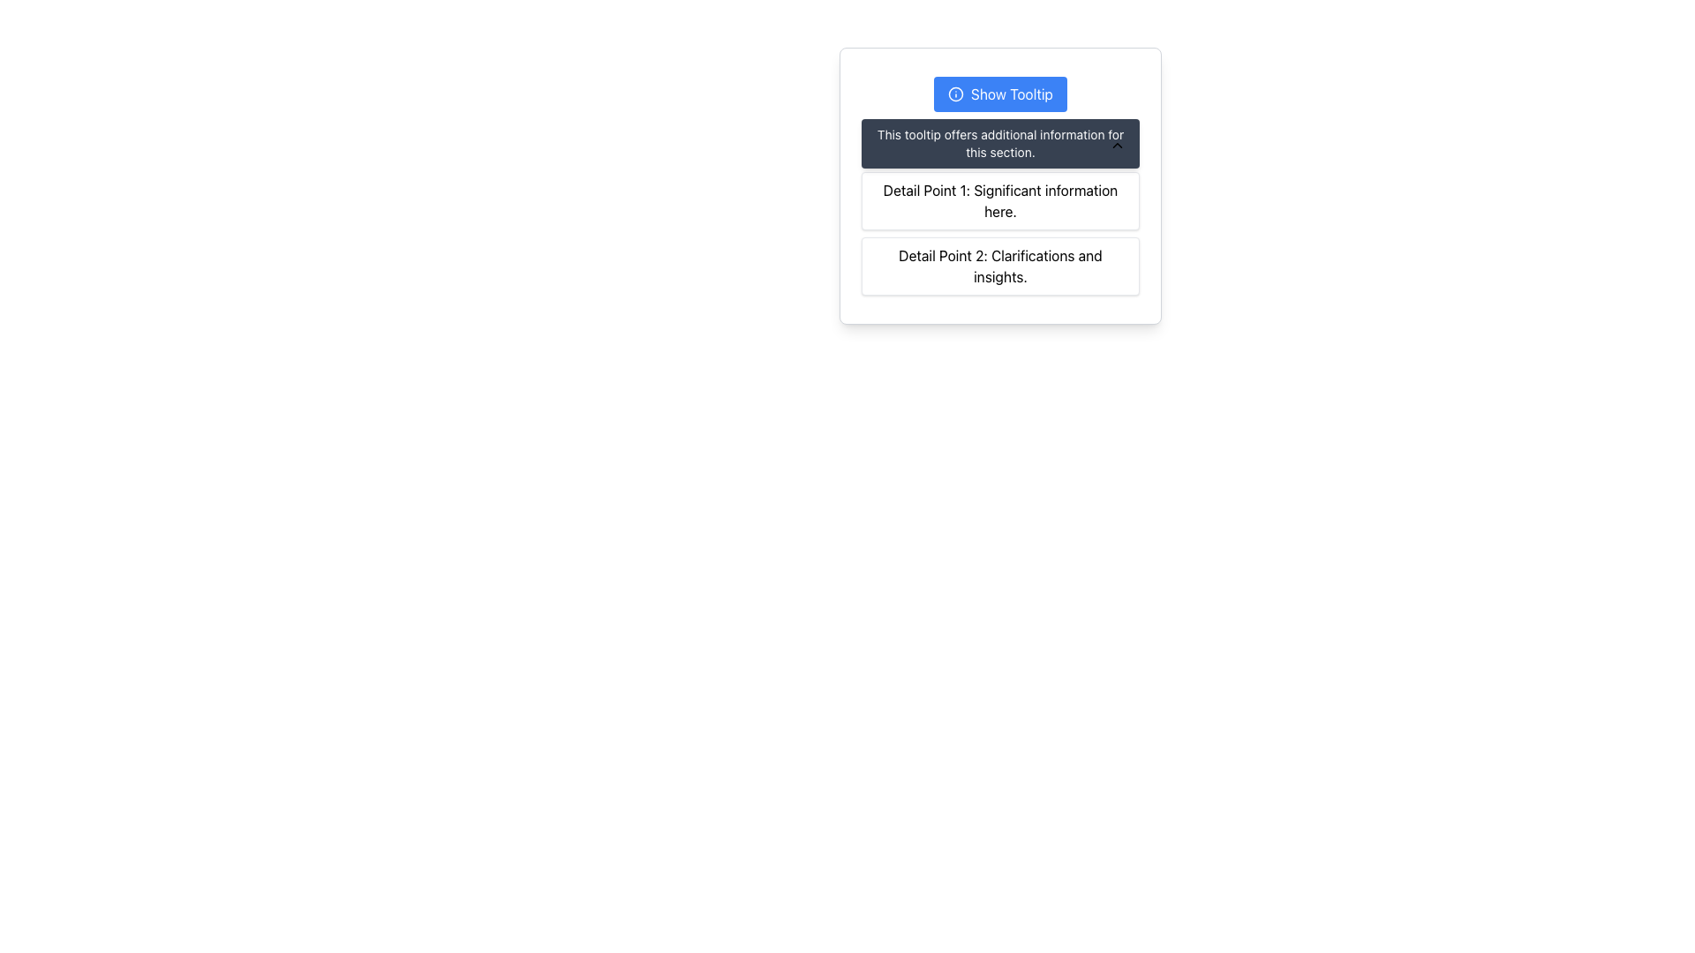 The height and width of the screenshot is (953, 1695). I want to click on the chevron icon located at the far right end of the 'More Details' button, so click(1117, 145).